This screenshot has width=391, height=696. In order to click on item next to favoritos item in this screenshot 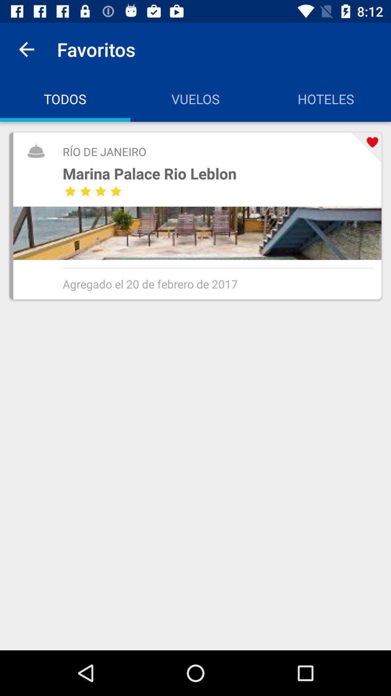, I will do `click(26, 49)`.